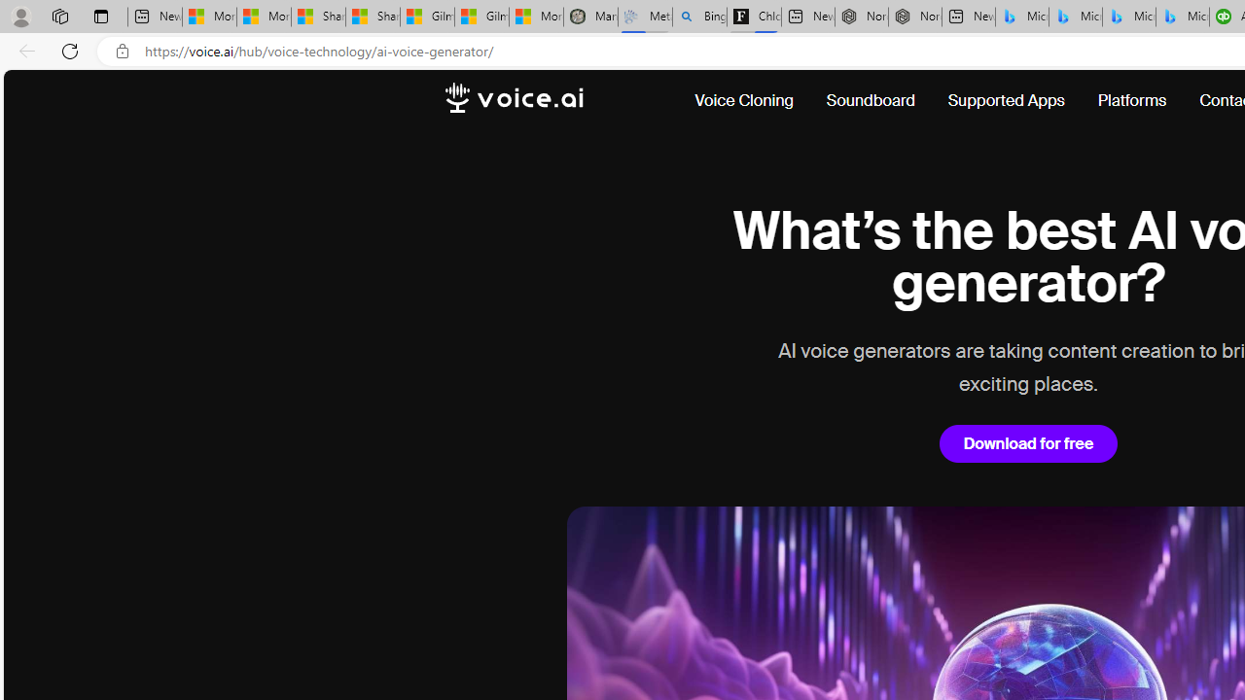  What do you see at coordinates (1027, 443) in the screenshot?
I see `'Download for free'` at bounding box center [1027, 443].